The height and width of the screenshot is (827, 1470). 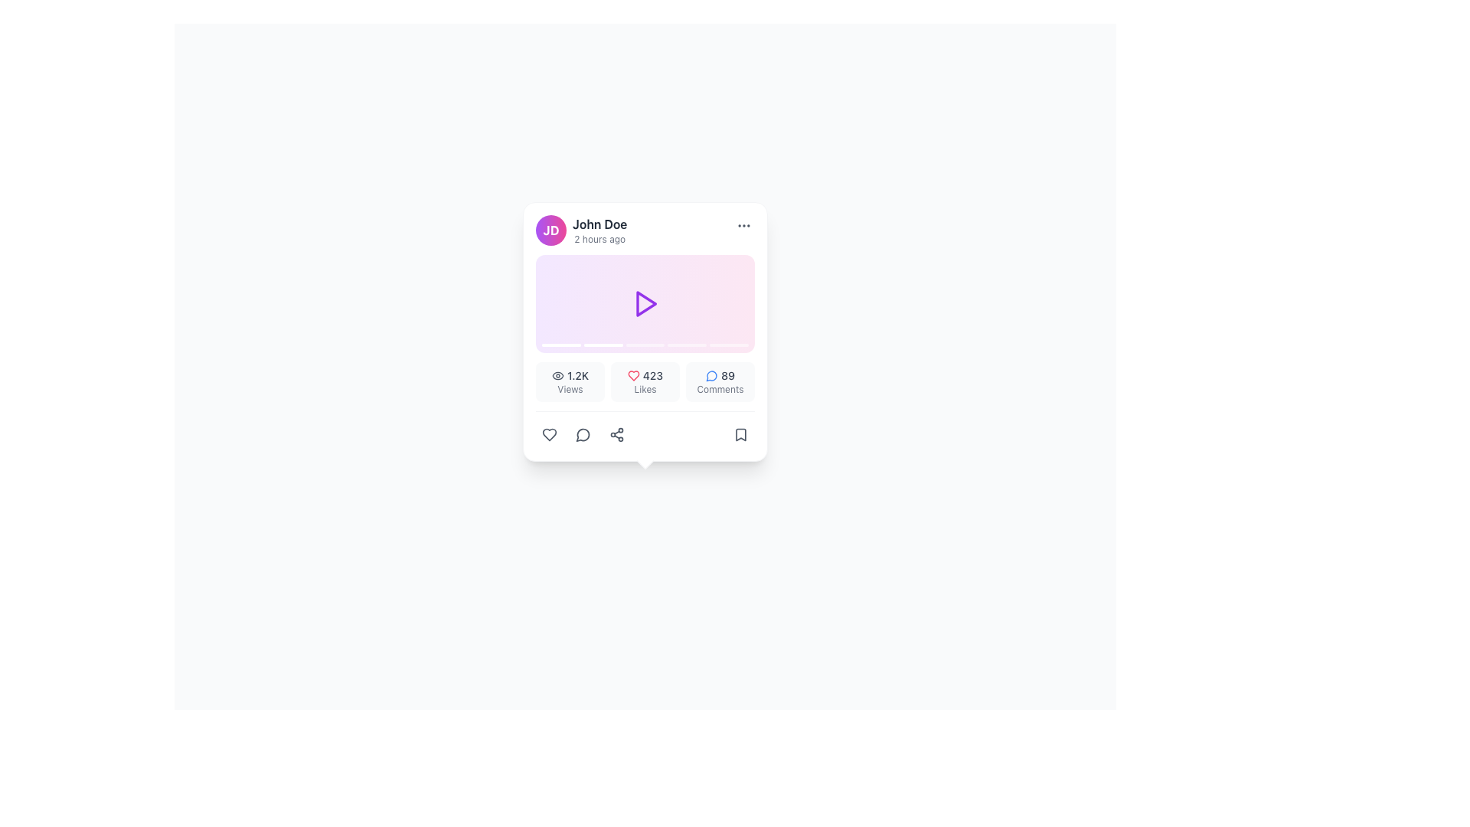 I want to click on the sharing action button, which is the third icon in a horizontal group of three icons below the main content of a card interface, so click(x=617, y=434).